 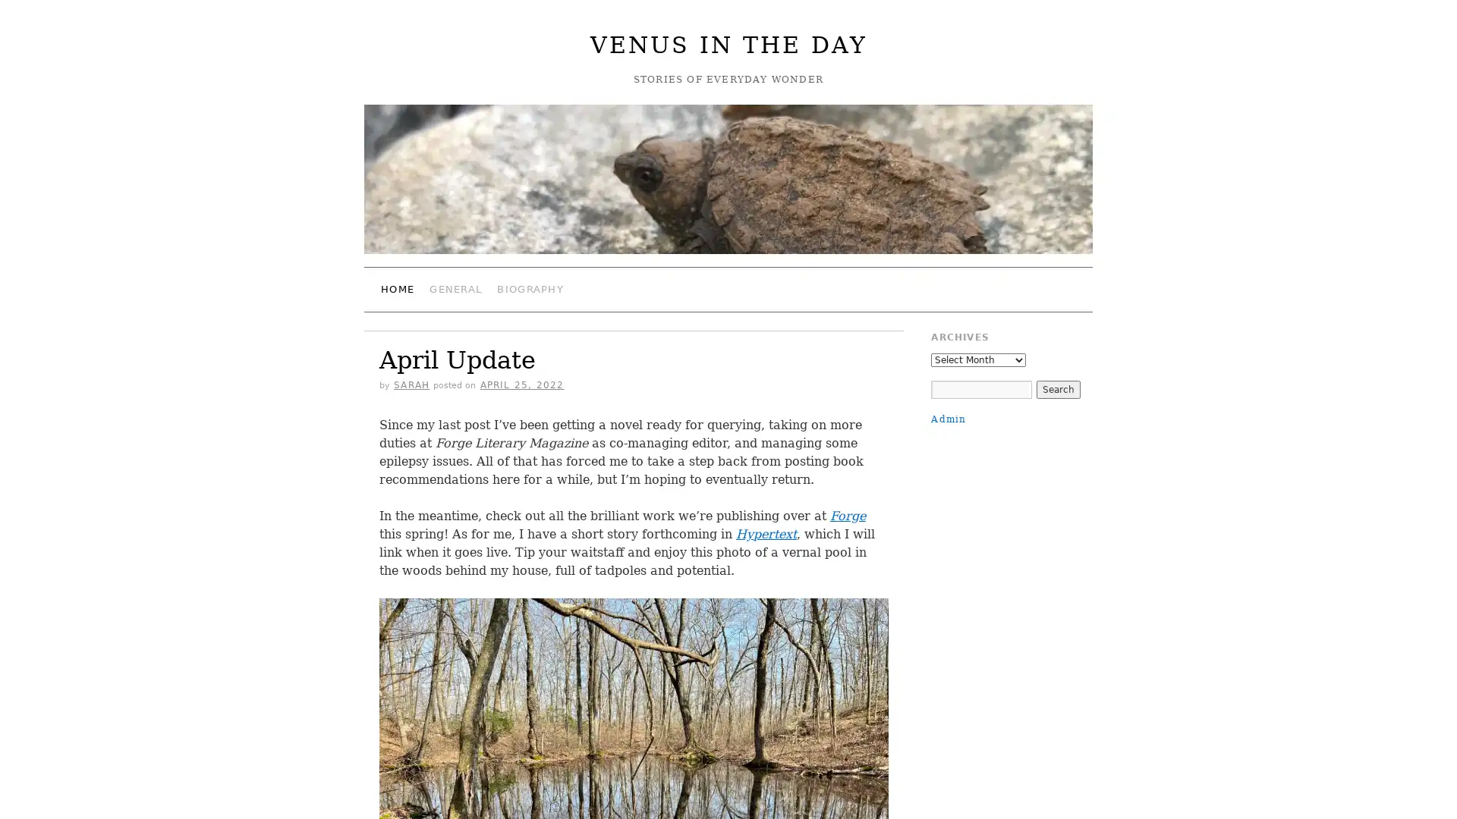 What do you see at coordinates (1056, 388) in the screenshot?
I see `Search` at bounding box center [1056, 388].